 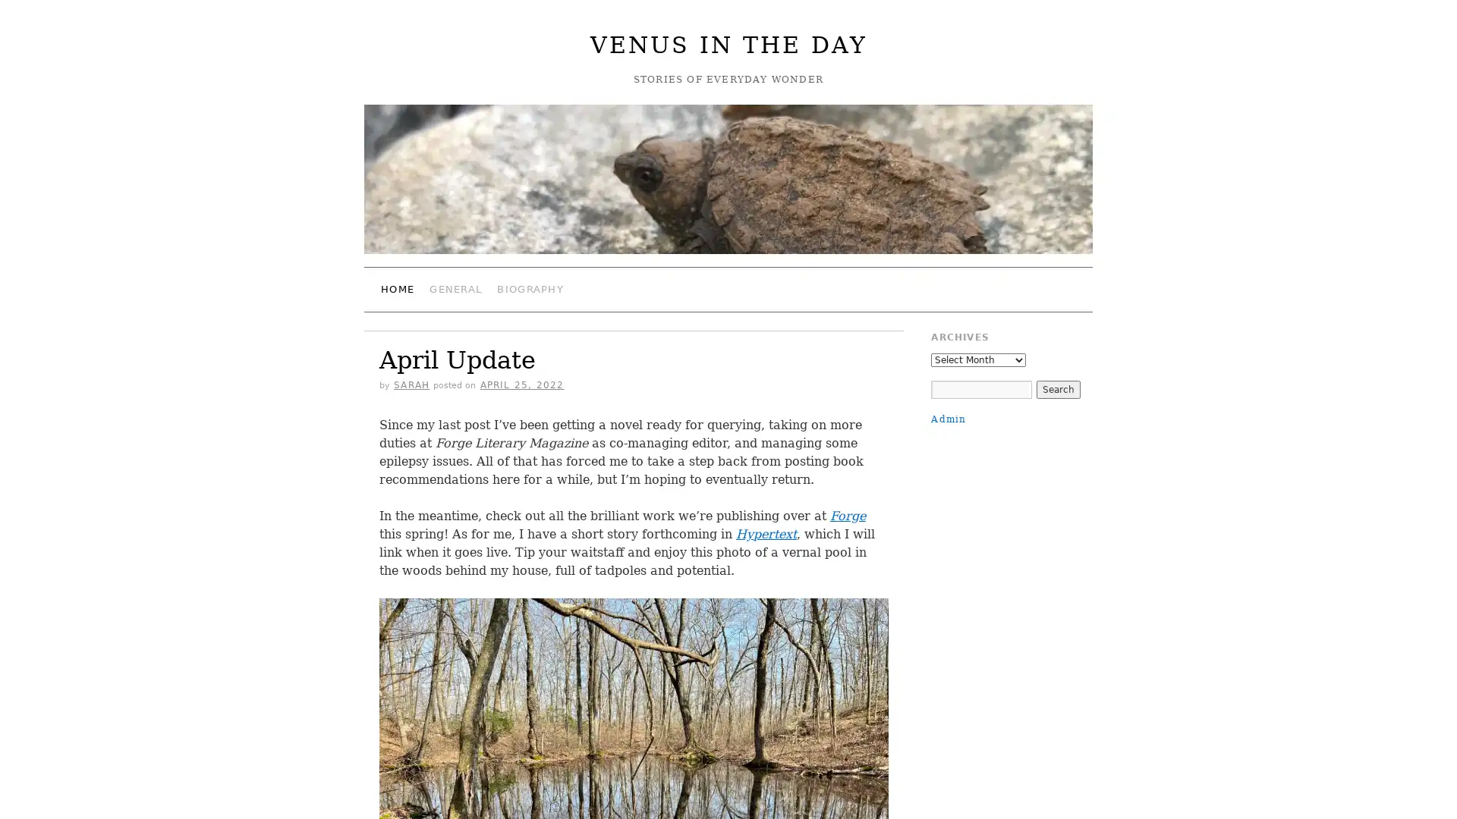 What do you see at coordinates (1056, 388) in the screenshot?
I see `Search` at bounding box center [1056, 388].